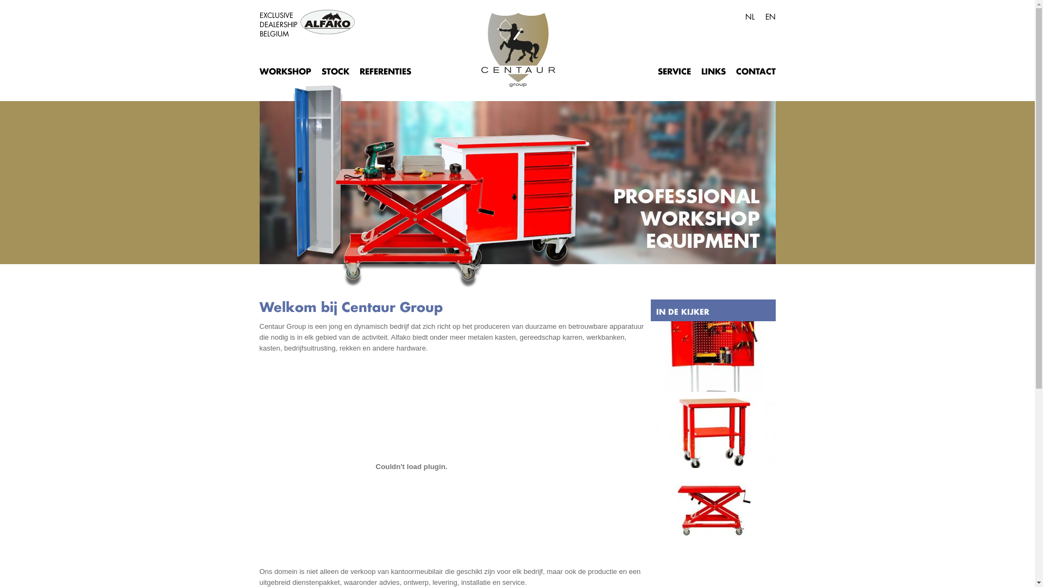 The height and width of the screenshot is (587, 1043). I want to click on 'SERVICE', so click(656, 70).